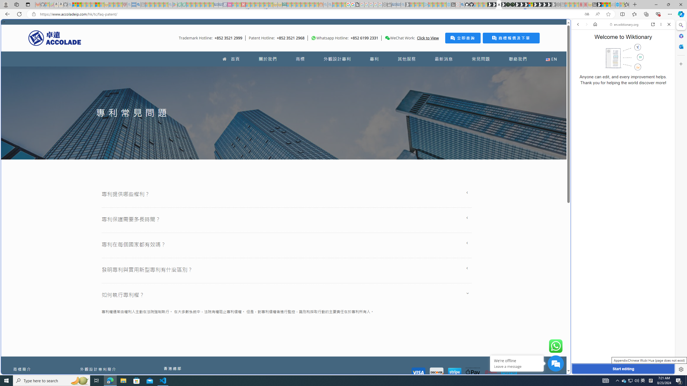 Image resolution: width=687 pixels, height=386 pixels. Describe the element at coordinates (54, 38) in the screenshot. I see `'Accolade IP HK Logo'` at that location.